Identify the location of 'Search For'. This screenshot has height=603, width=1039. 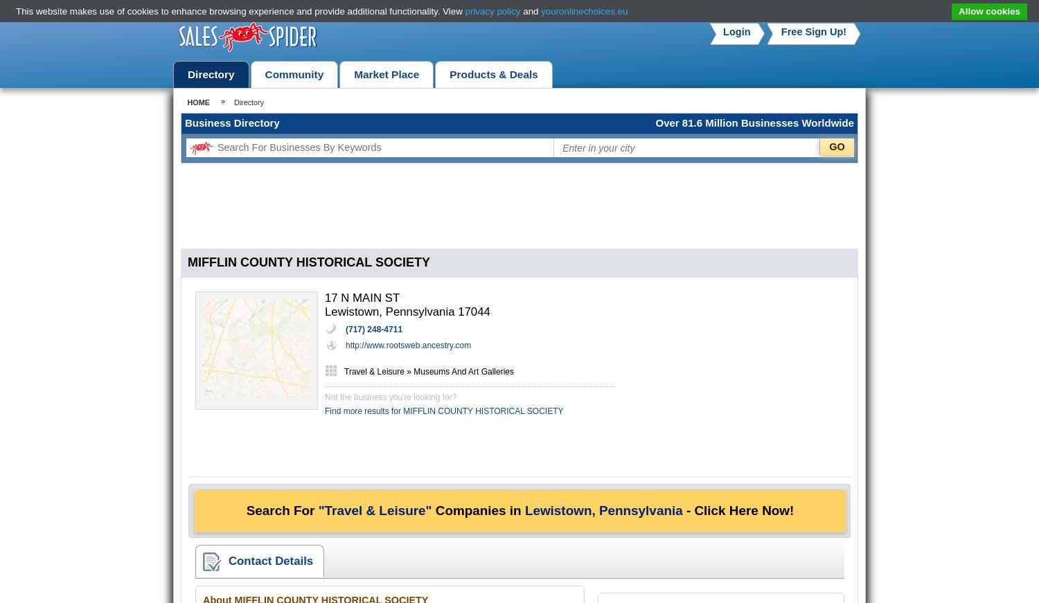
(281, 510).